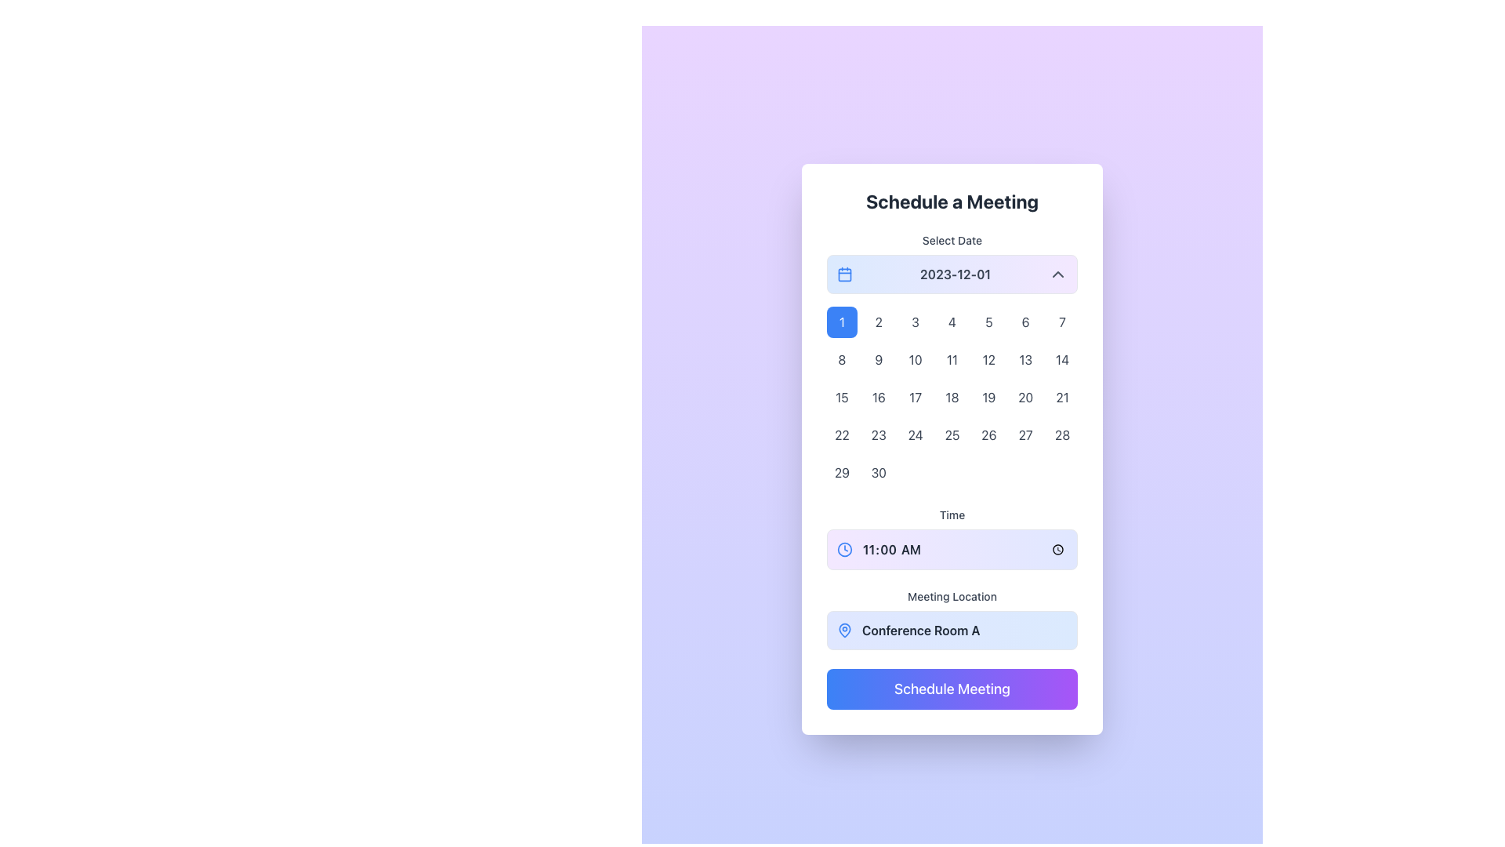  I want to click on the clickable calendar day button representing the '7th' day of the month, so click(1062, 322).